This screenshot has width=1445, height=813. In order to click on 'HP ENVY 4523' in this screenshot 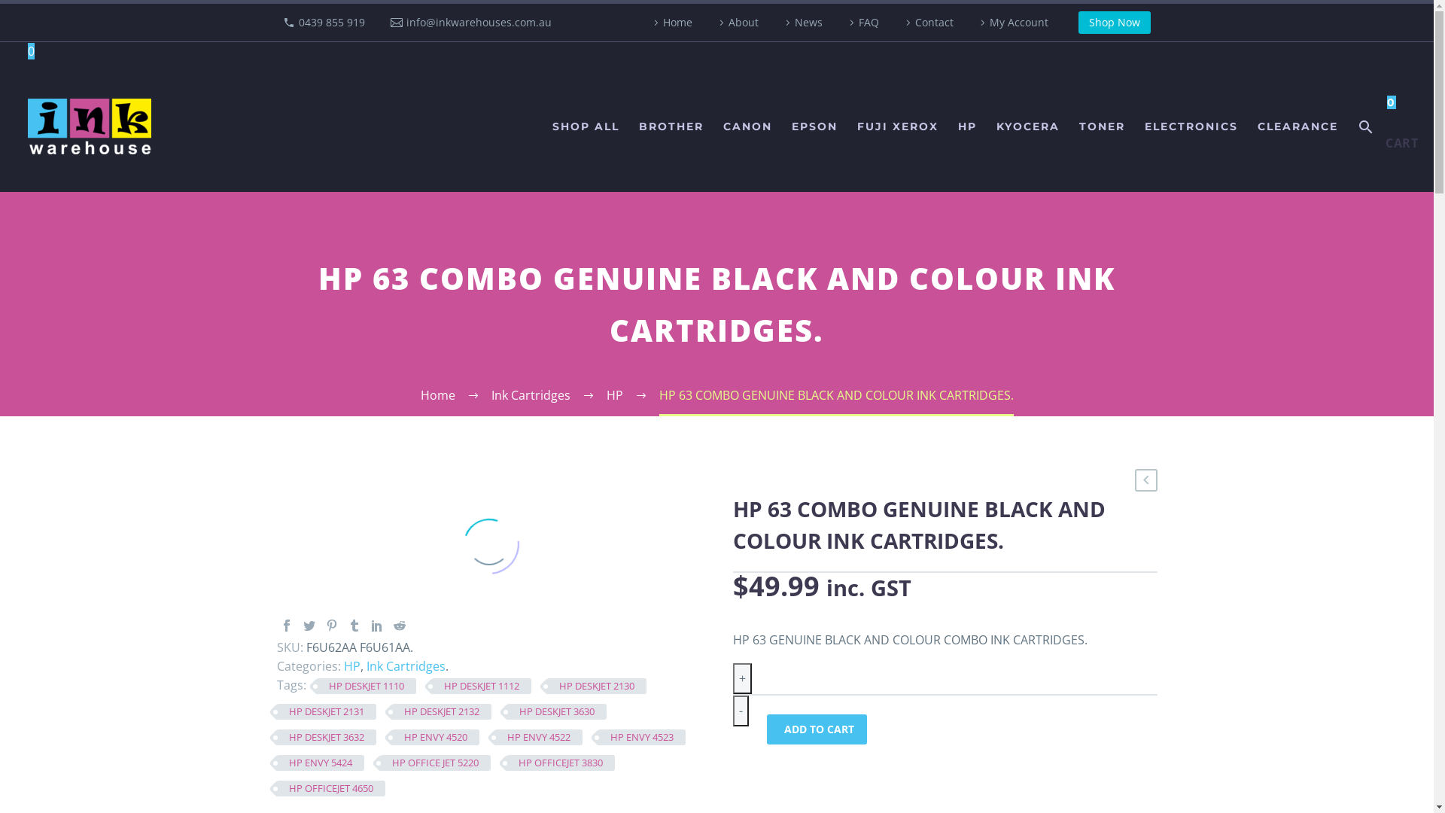, I will do `click(640, 736)`.